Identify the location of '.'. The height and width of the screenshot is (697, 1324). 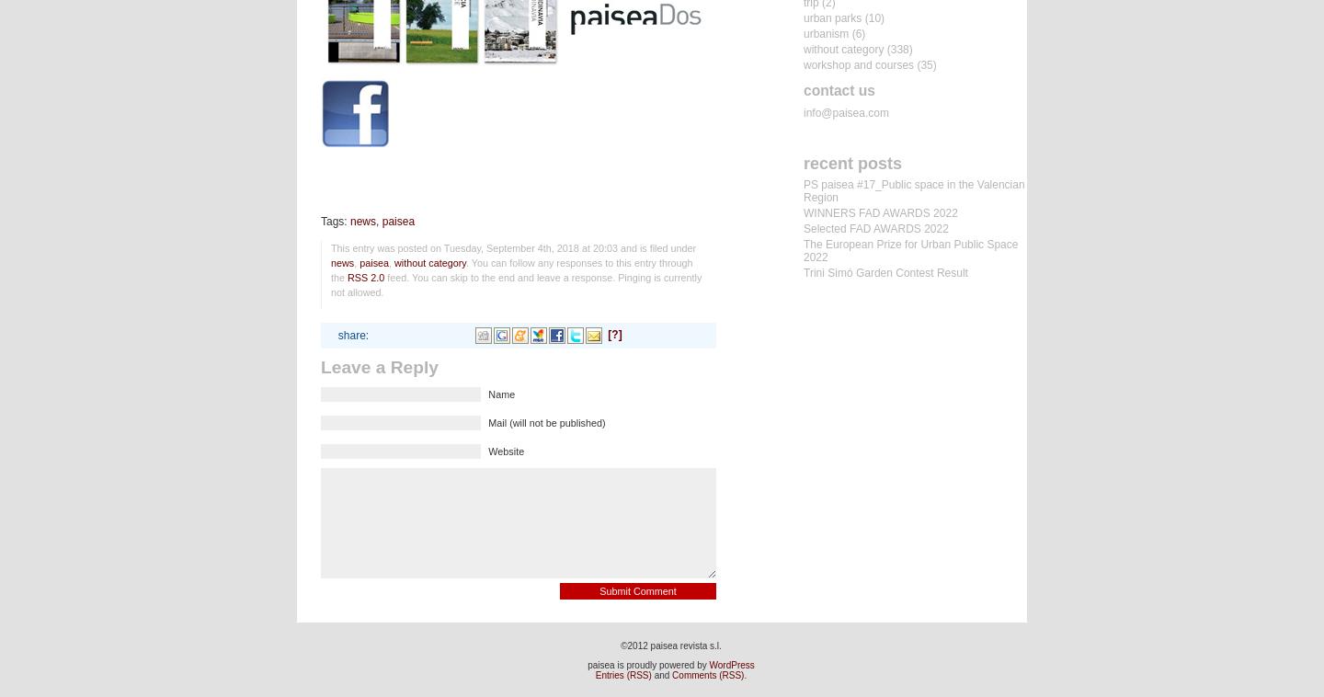
(745, 675).